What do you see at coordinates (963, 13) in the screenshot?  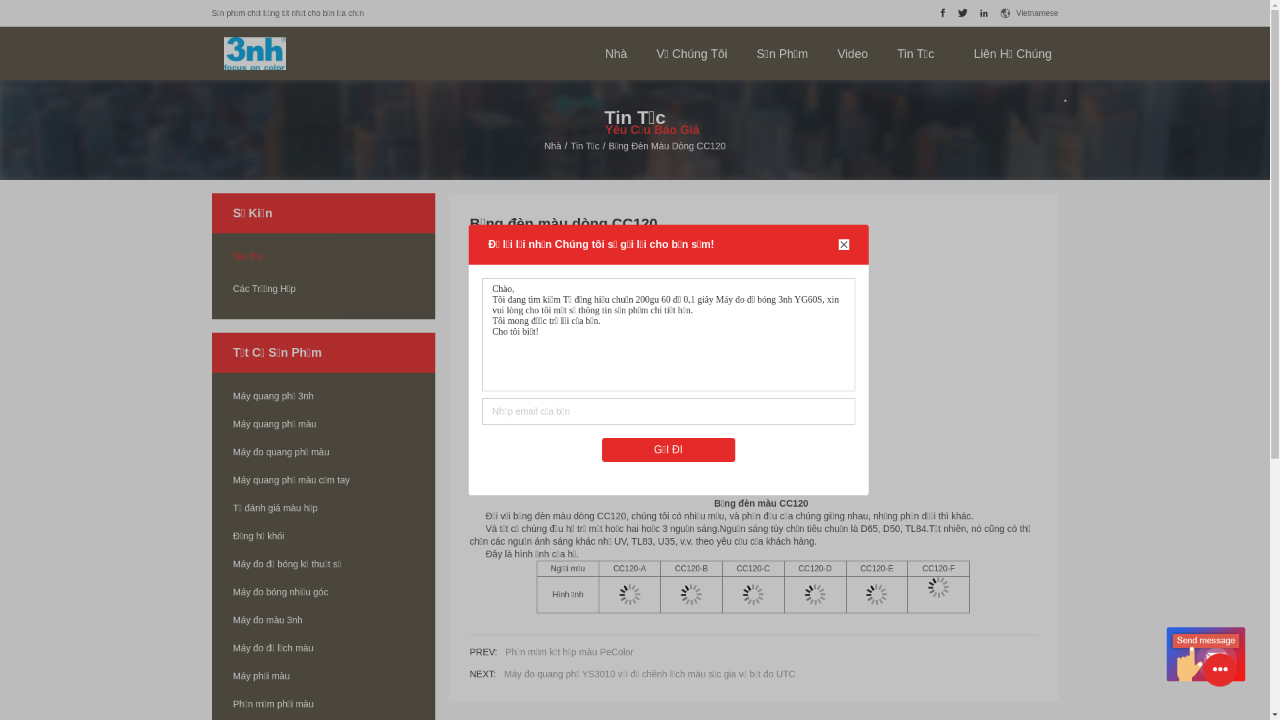 I see `'Shenzhen ThreeNH Technology Co., Ltd. Twitter'` at bounding box center [963, 13].